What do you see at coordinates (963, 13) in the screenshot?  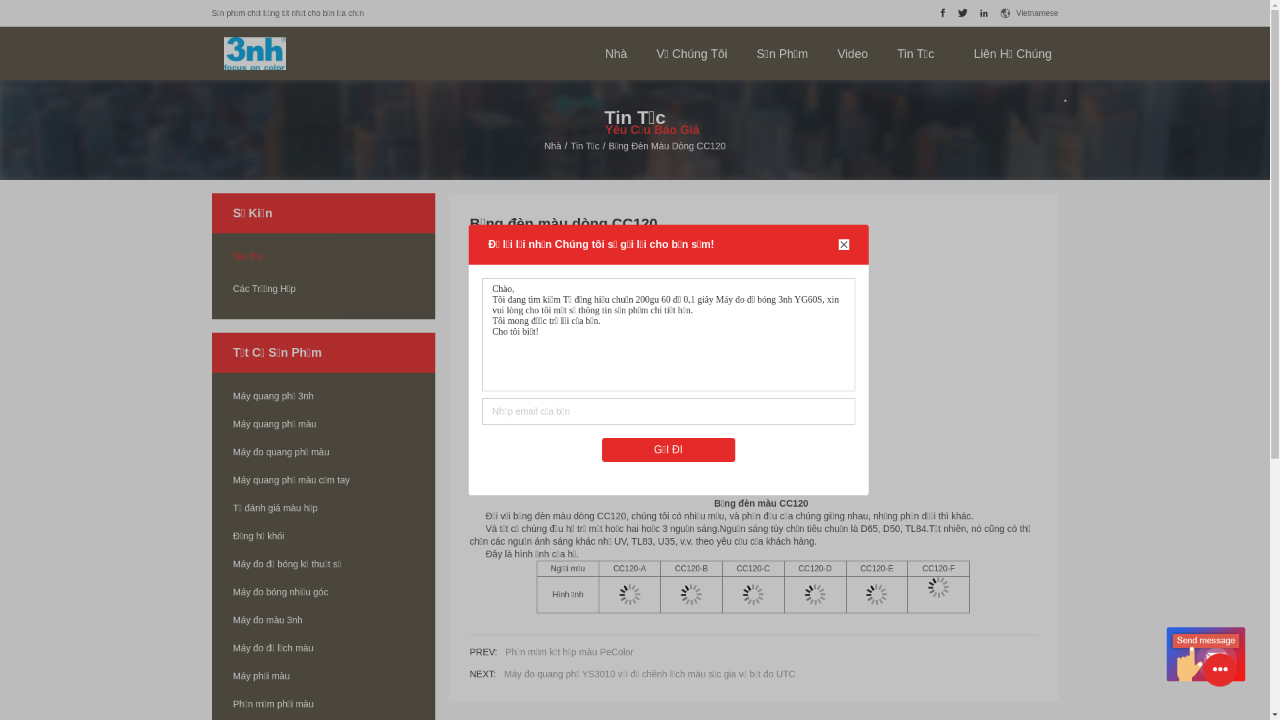 I see `'Shenzhen ThreeNH Technology Co., Ltd. Twitter'` at bounding box center [963, 13].